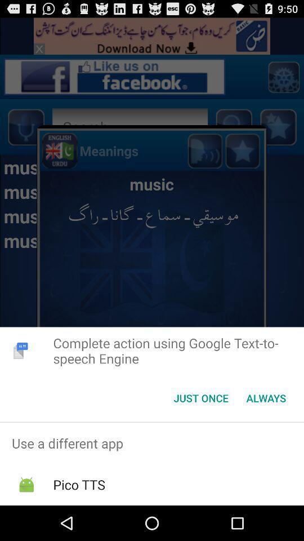 This screenshot has height=541, width=304. I want to click on the item next to the just once, so click(266, 398).